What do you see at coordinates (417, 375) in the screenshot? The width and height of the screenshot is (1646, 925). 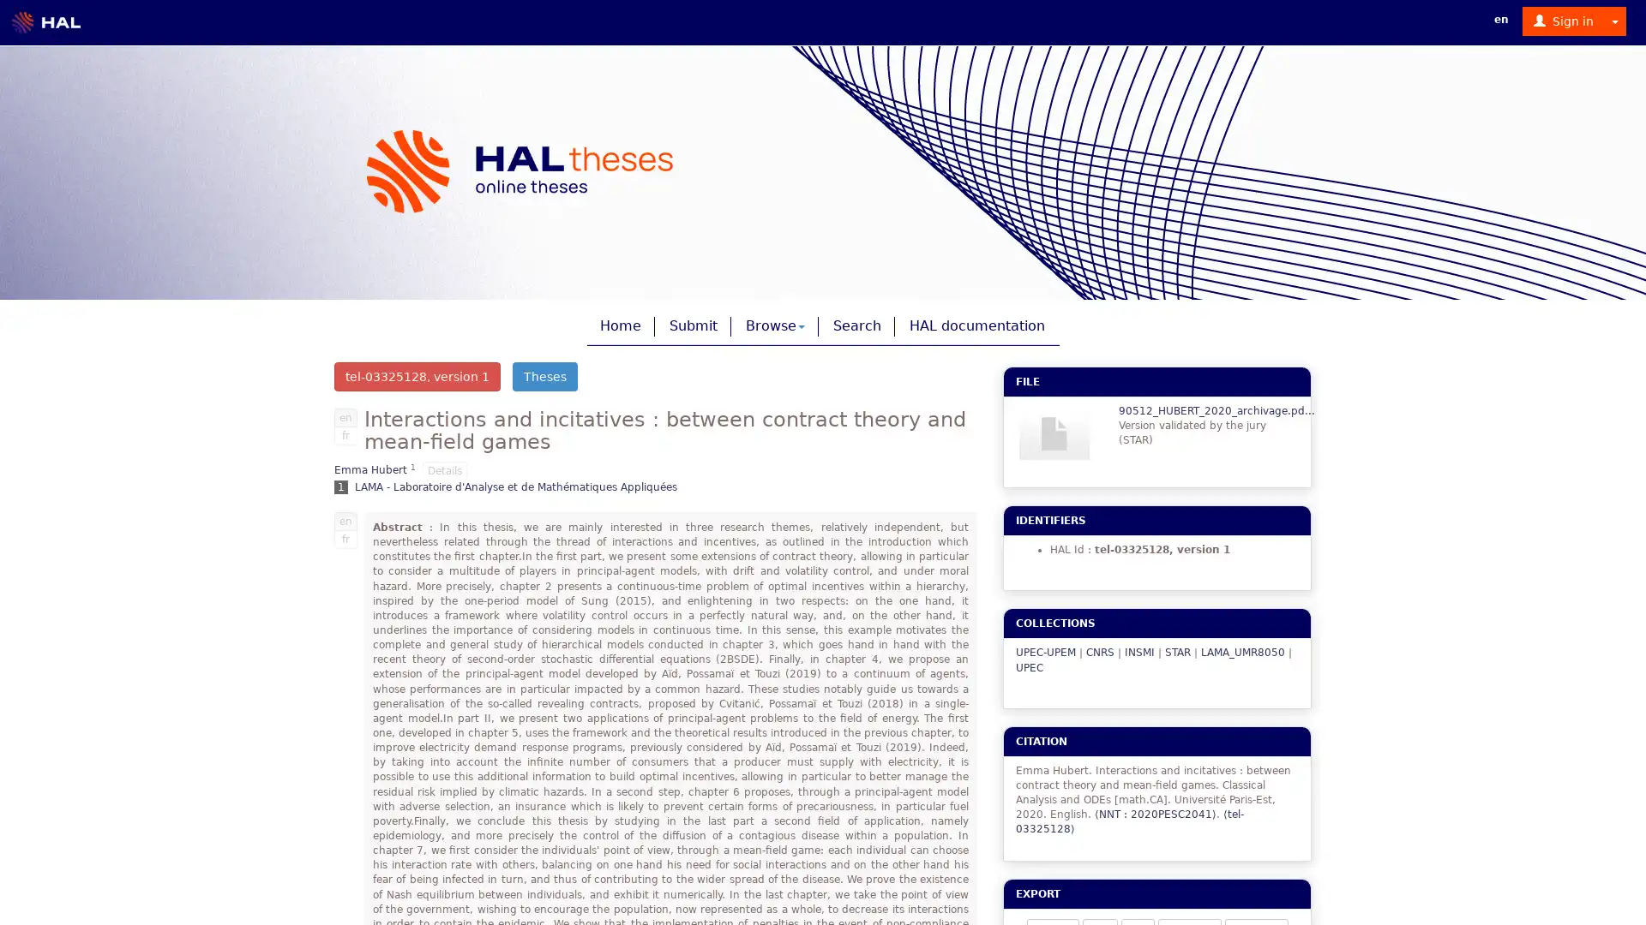 I see `tel-03325128, version 1` at bounding box center [417, 375].